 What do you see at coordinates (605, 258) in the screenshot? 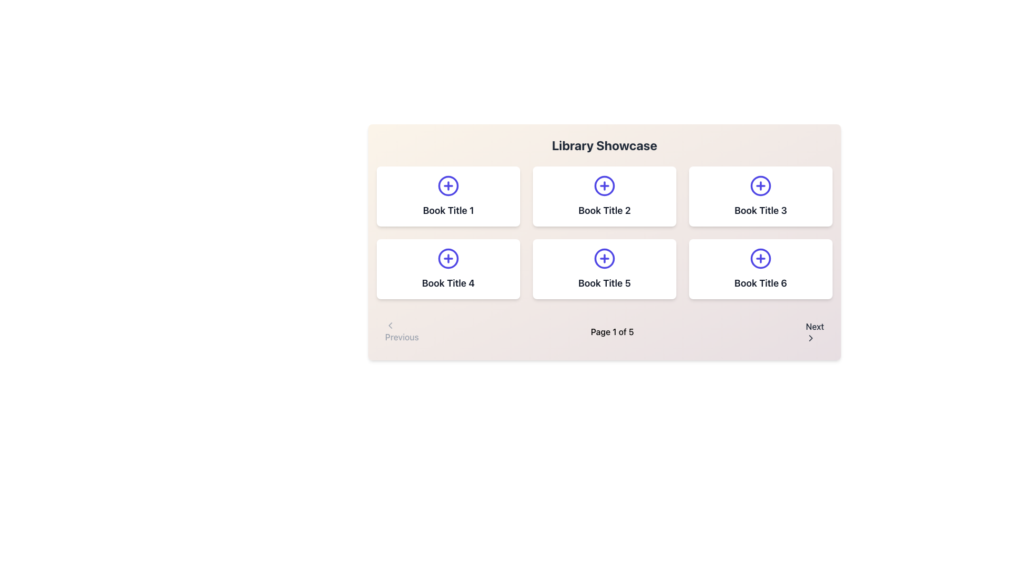
I see `the icon in the second row and second column of the grid that corresponds to 'Book Title 5'` at bounding box center [605, 258].